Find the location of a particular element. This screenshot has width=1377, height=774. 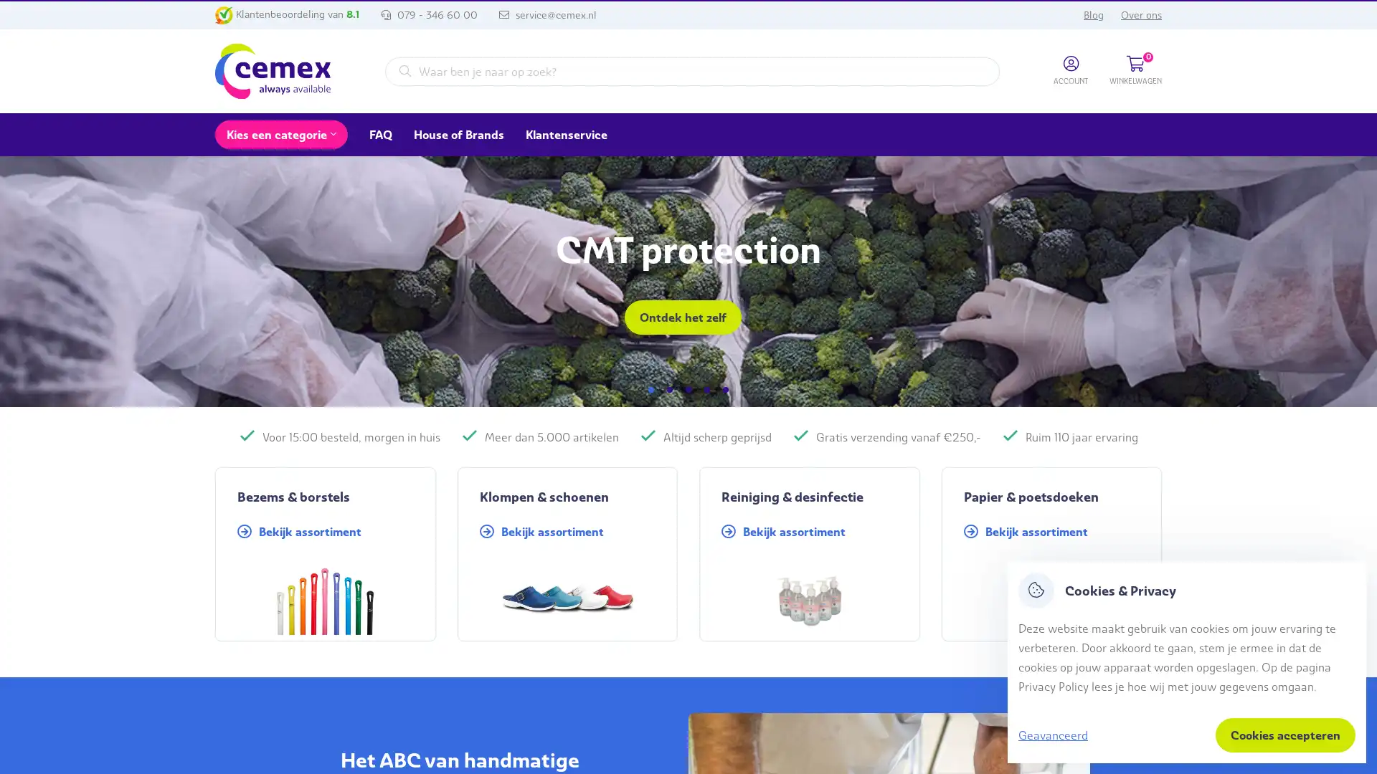

Kies een categorie is located at coordinates (281, 135).